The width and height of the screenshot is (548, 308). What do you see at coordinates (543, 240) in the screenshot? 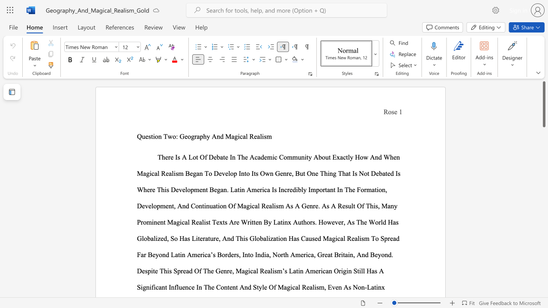
I see `the right-hand scrollbar to descend the page` at bounding box center [543, 240].